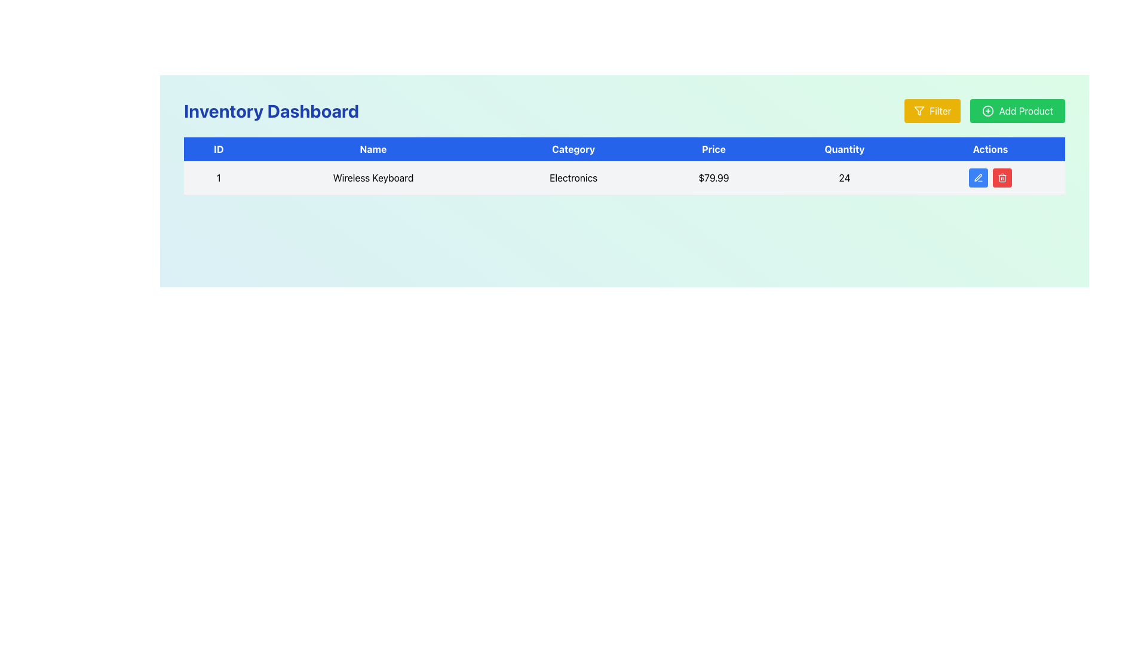  What do you see at coordinates (990, 149) in the screenshot?
I see `the 'Actions' text label, which is styled in white against a blue background and is located in the upper-right section of the data table header` at bounding box center [990, 149].